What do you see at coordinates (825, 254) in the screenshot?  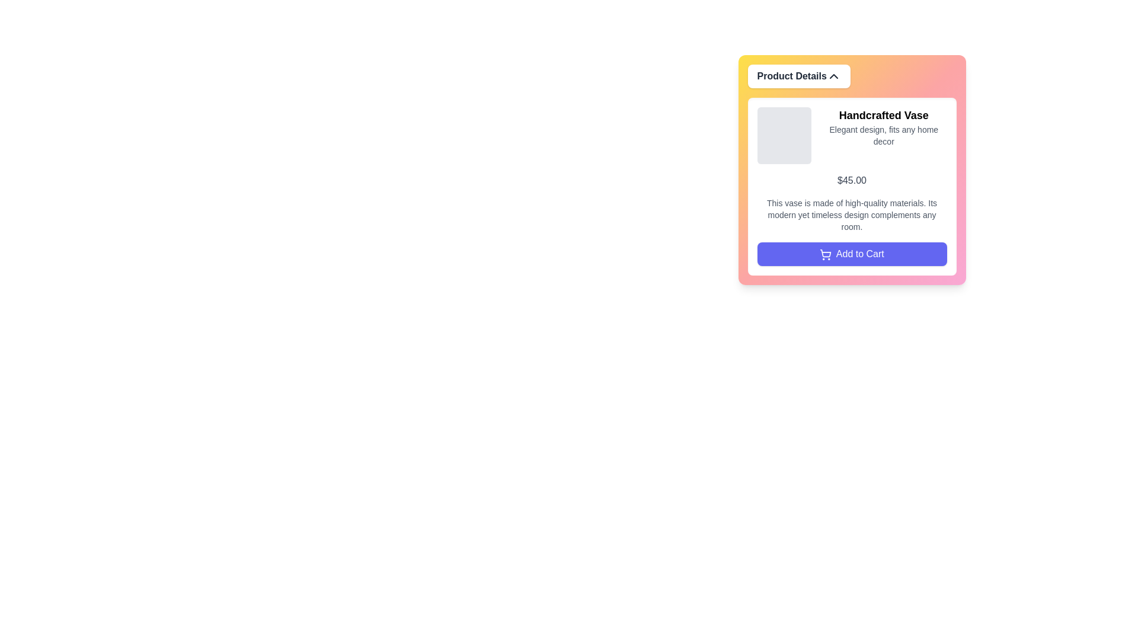 I see `the shopping cart icon which is part of the 'Add to Cart' button, located to the left of the button's text` at bounding box center [825, 254].